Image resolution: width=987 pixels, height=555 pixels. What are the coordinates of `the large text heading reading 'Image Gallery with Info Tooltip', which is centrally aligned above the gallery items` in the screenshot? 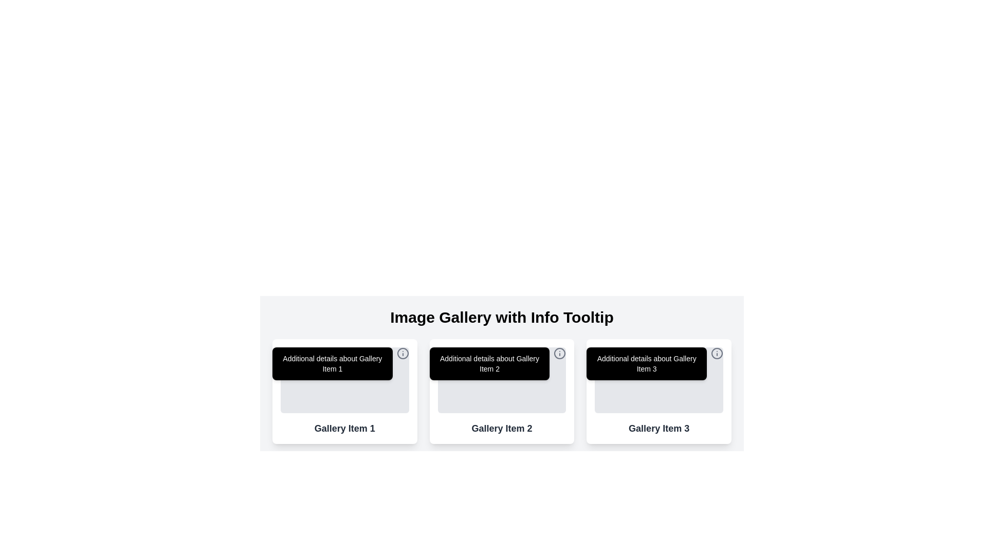 It's located at (502, 317).